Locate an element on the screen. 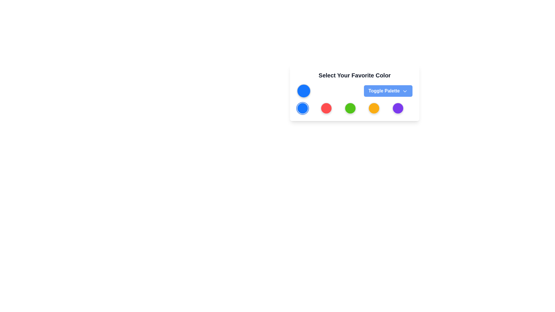  the center of the green circular color button in the grid layout located in the 'Select Your Favorite Color' panel is located at coordinates (354, 108).